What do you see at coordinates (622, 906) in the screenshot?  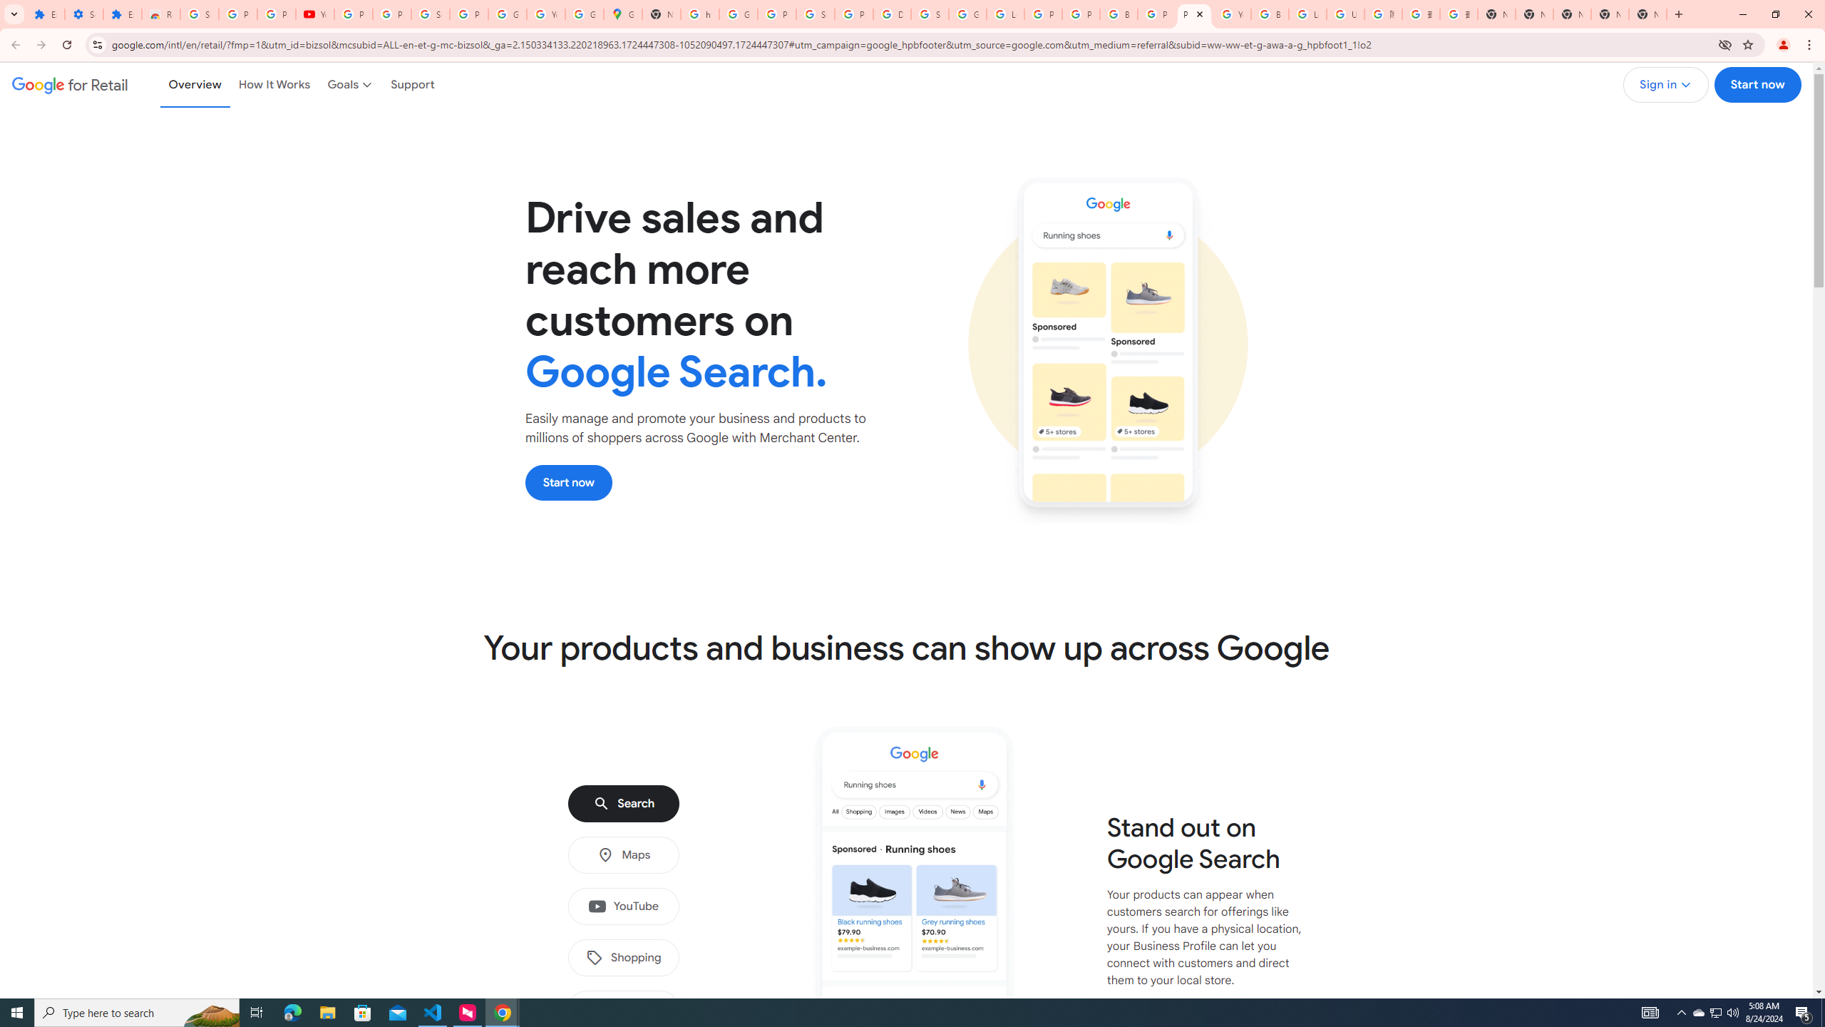 I see `'YouTube'` at bounding box center [622, 906].